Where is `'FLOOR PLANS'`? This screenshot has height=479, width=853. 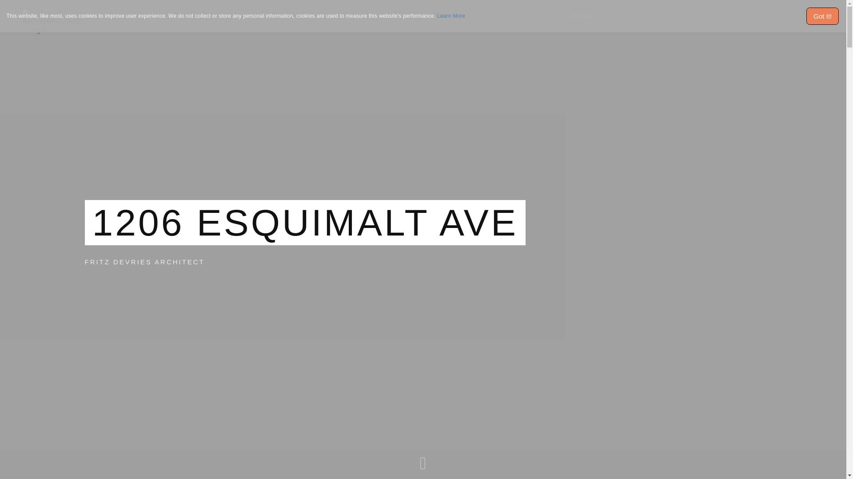 'FLOOR PLANS' is located at coordinates (665, 16).